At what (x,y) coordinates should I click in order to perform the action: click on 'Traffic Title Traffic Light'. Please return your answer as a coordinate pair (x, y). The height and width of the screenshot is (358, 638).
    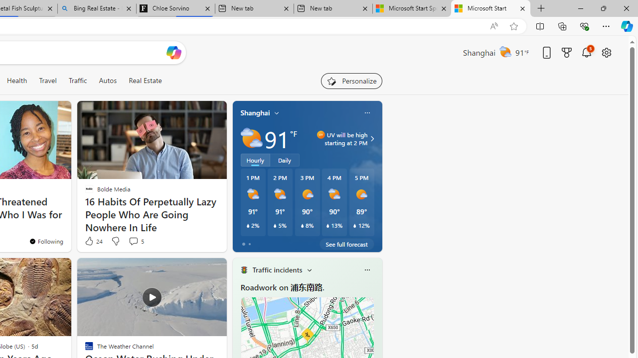
    Looking at the image, I should click on (244, 269).